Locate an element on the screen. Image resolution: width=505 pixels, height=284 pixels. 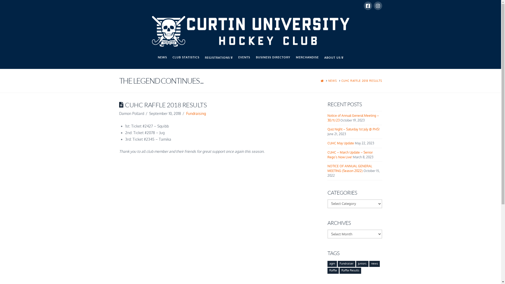
'NOTICE OF ANNUAL GENERAL MEETING (Season 2022)' is located at coordinates (327, 168).